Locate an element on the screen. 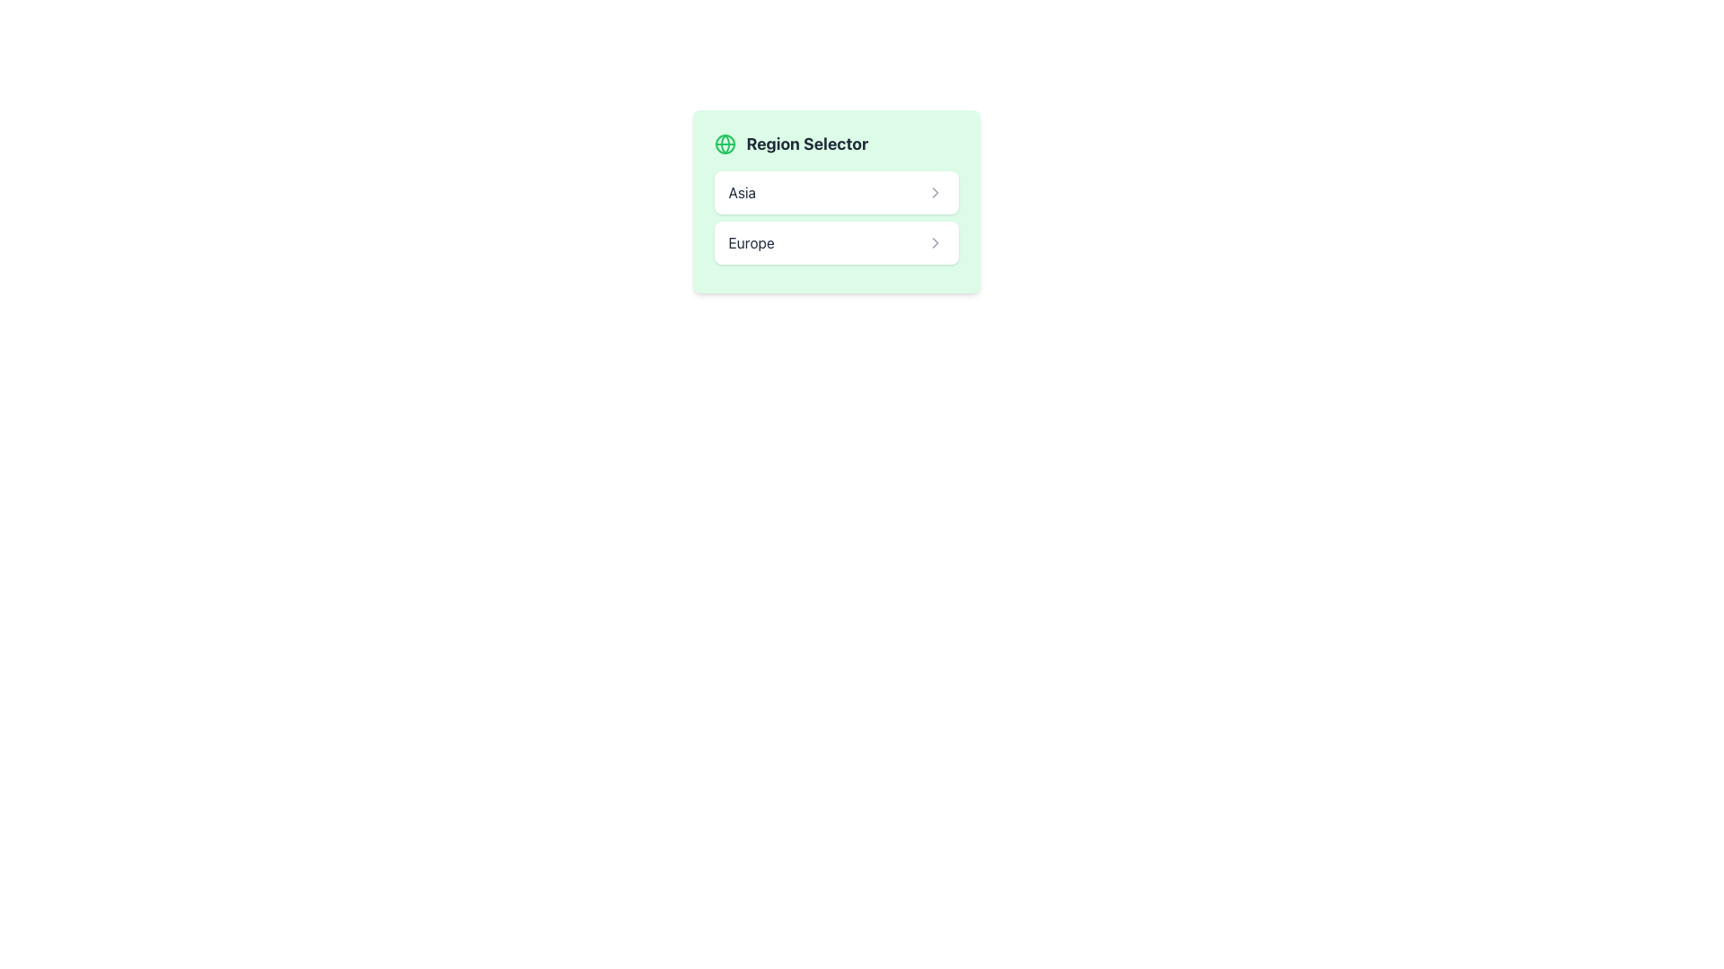 Image resolution: width=1724 pixels, height=969 pixels. the right-pointing chevron icon located at the far-right end of the row displaying the text 'Asia' is located at coordinates (934, 193).